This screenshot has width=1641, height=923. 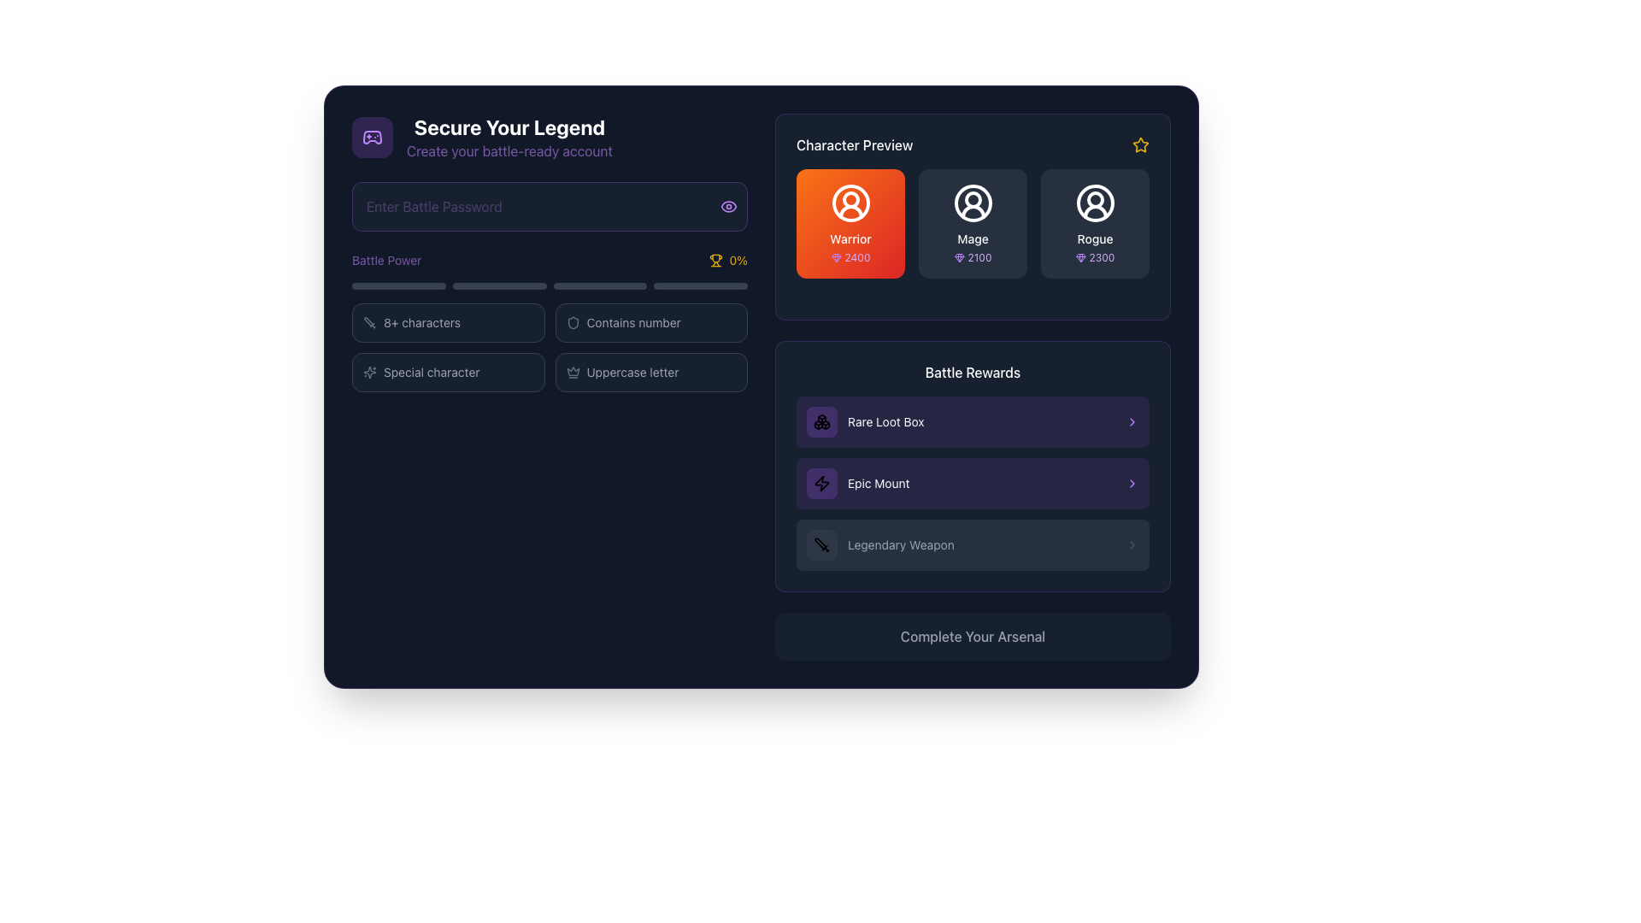 I want to click on the text label displaying the numerical value '2100', which is styled with a small-sized font in light purple color and located below the middle character icon labeled 'Mage' in the 'Character Preview' section, so click(x=979, y=257).